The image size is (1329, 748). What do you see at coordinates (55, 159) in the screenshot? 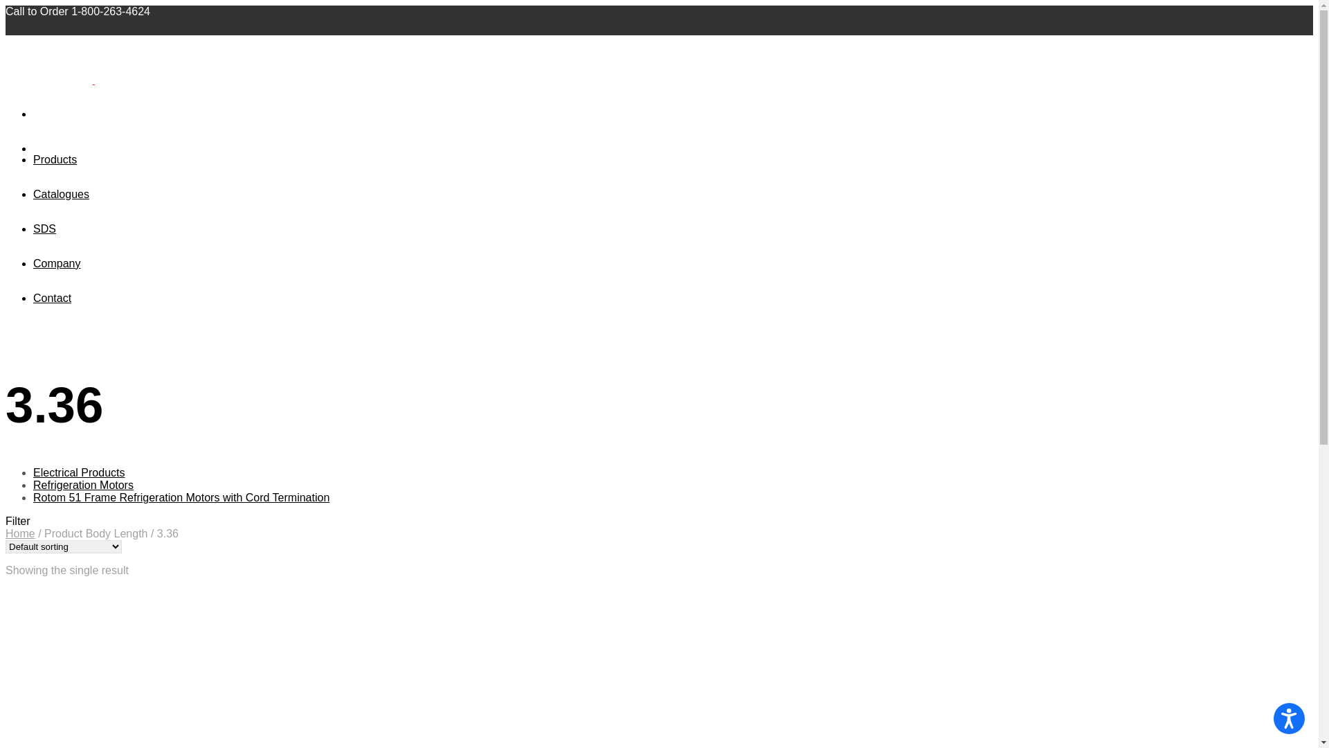
I see `'Products'` at bounding box center [55, 159].